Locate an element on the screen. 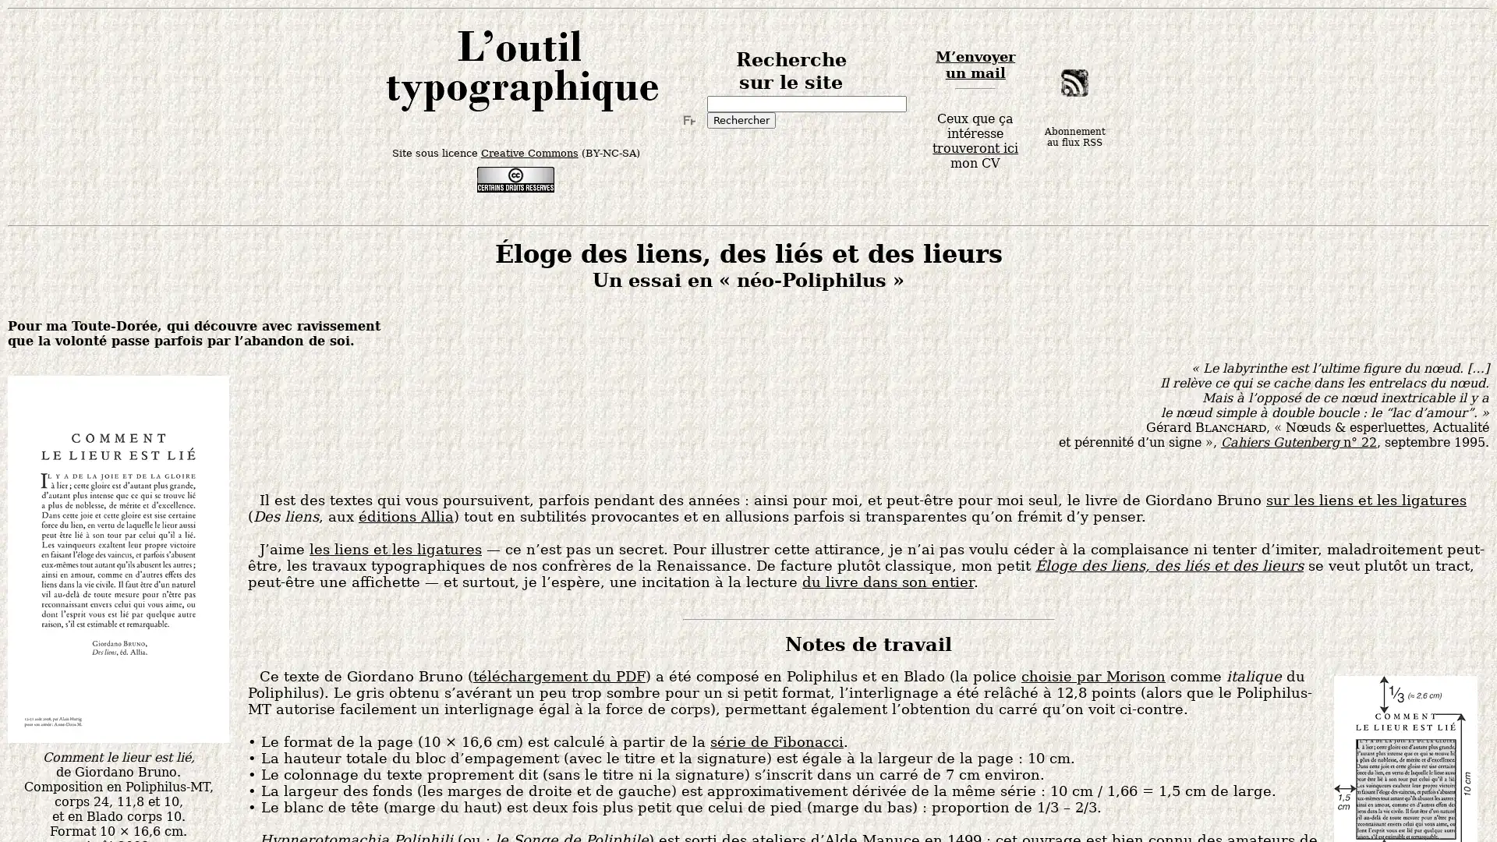 This screenshot has width=1497, height=842. Turn off Input Method is located at coordinates (688, 117).